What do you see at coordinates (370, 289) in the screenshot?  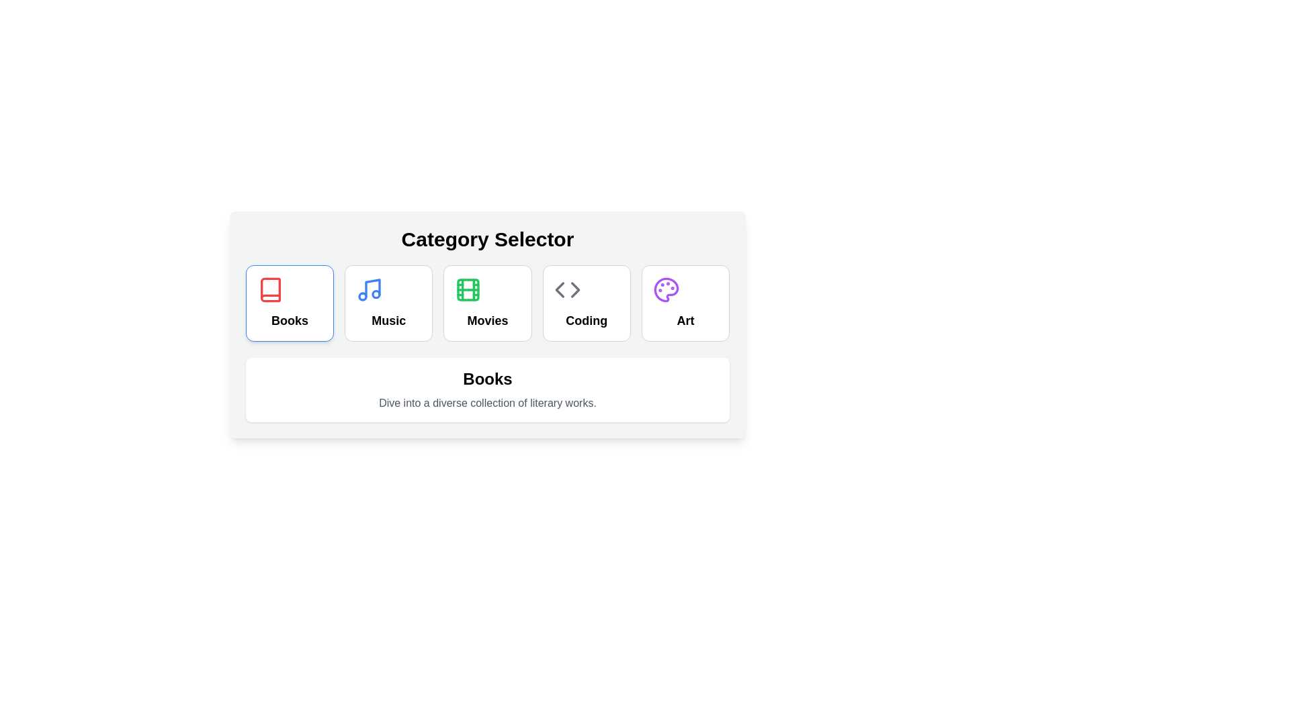 I see `the musical note icon, which is styled in blue with rounded stroke ends and is located inside the 'Music' card, the second card from the left under the 'Category Selector' heading` at bounding box center [370, 289].